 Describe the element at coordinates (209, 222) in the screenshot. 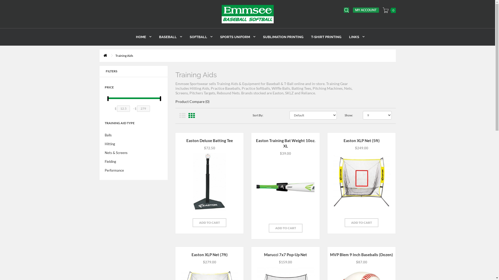

I see `'ADD TO CART'` at that location.